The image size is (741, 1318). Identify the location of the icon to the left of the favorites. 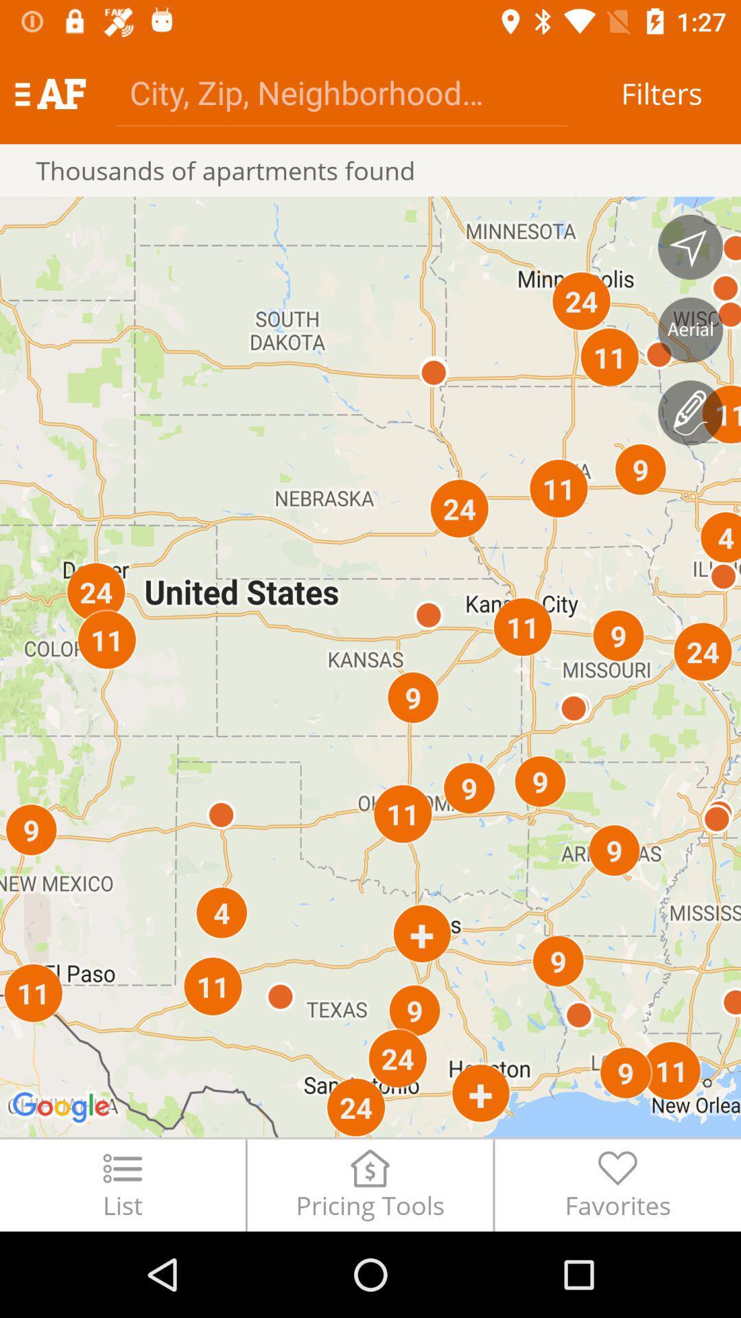
(369, 1184).